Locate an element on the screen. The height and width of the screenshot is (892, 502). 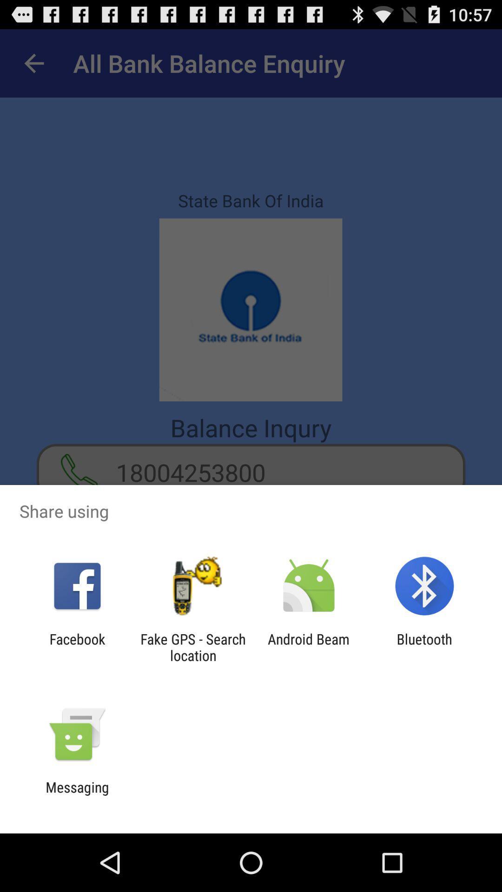
icon to the right of android beam item is located at coordinates (424, 647).